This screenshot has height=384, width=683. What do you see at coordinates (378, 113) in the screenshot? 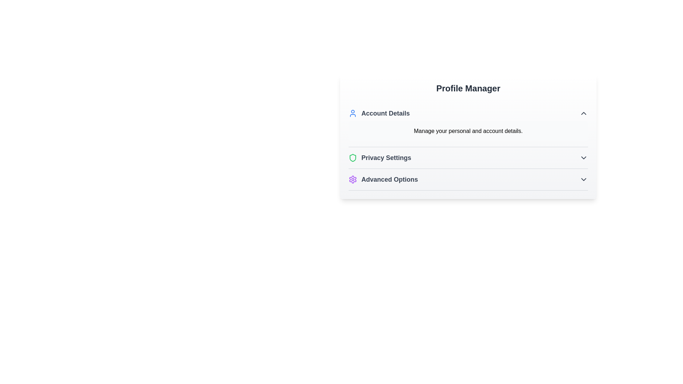
I see `the 'Account Details' label with a blue user icon located in the 'Profile Manager' section` at bounding box center [378, 113].